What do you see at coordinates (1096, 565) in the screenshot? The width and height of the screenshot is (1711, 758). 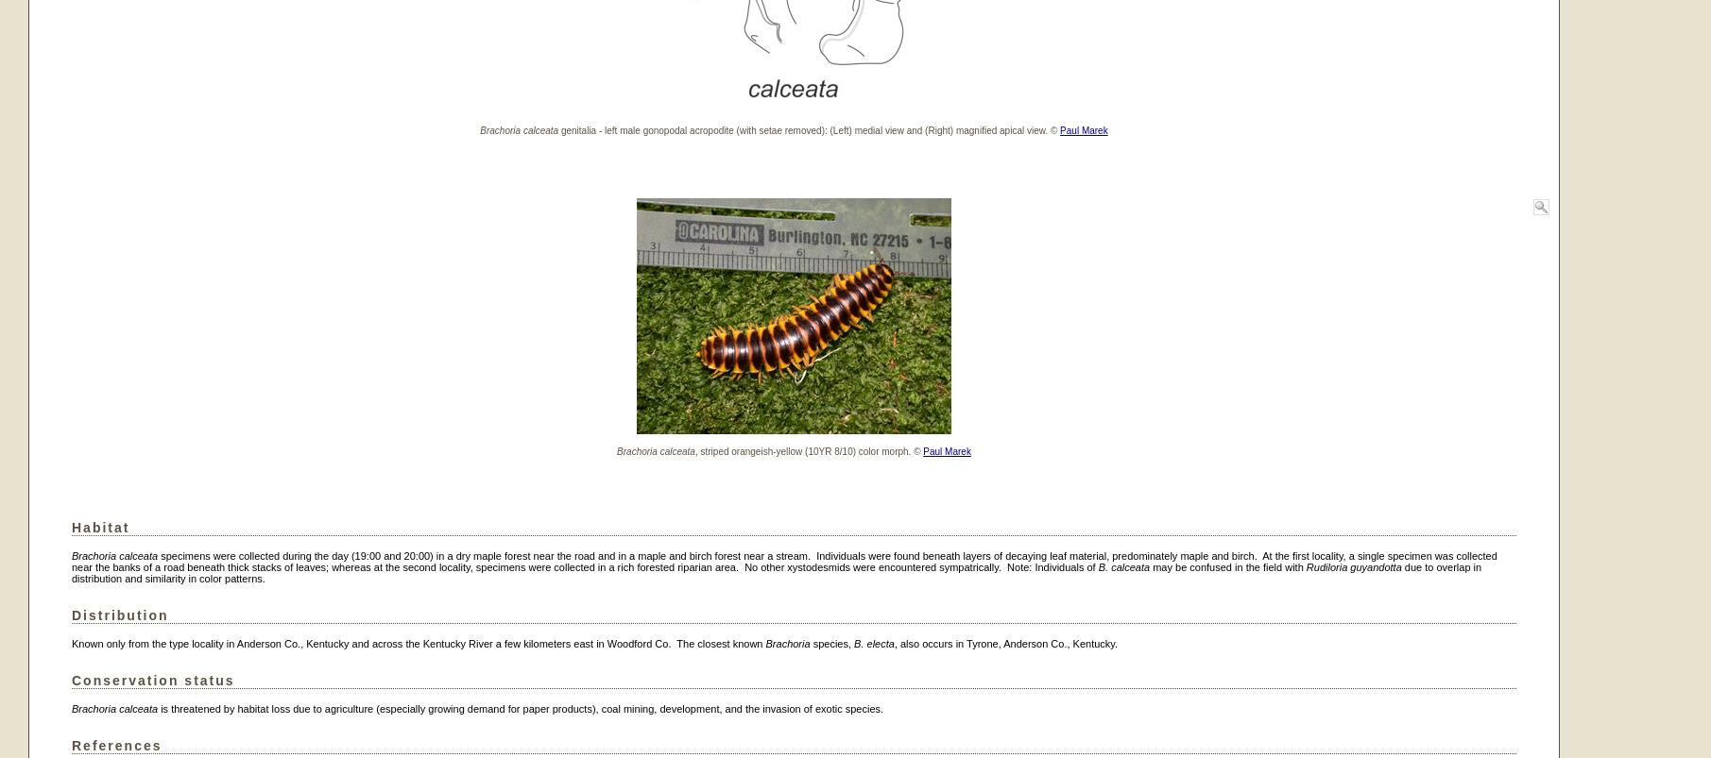 I see `'B. calceata'` at bounding box center [1096, 565].